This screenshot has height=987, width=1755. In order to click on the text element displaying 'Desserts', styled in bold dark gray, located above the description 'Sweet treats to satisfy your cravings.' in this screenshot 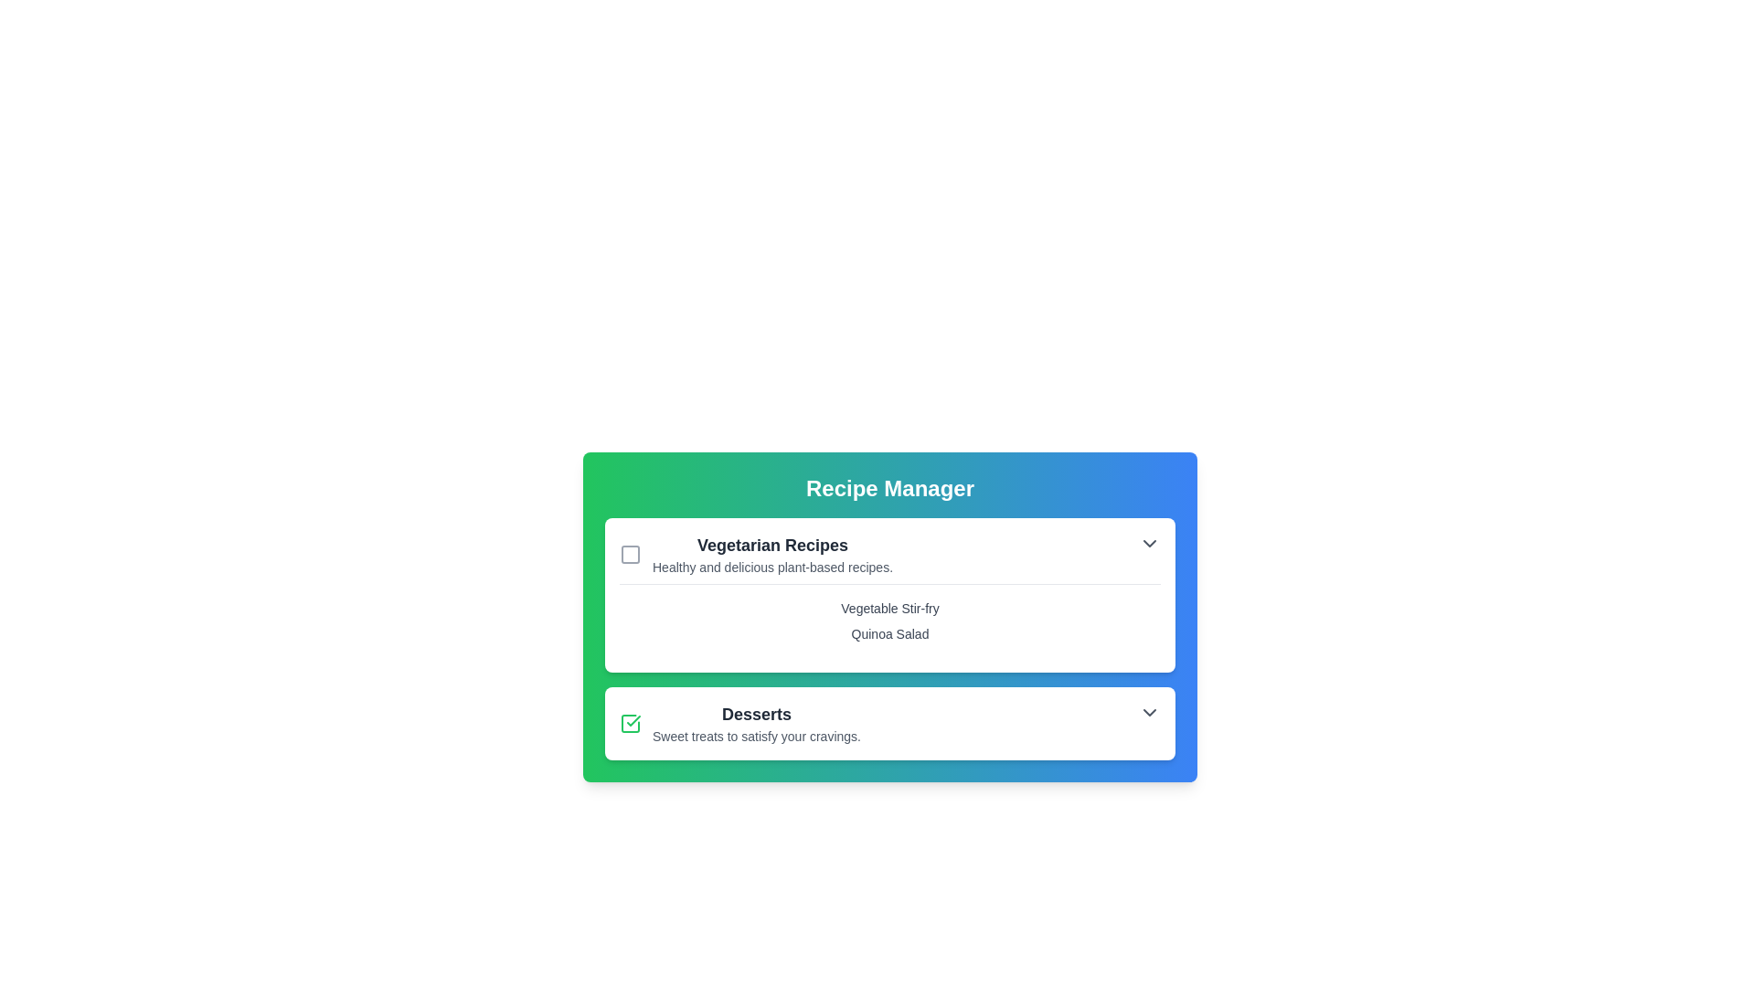, I will do `click(756, 714)`.